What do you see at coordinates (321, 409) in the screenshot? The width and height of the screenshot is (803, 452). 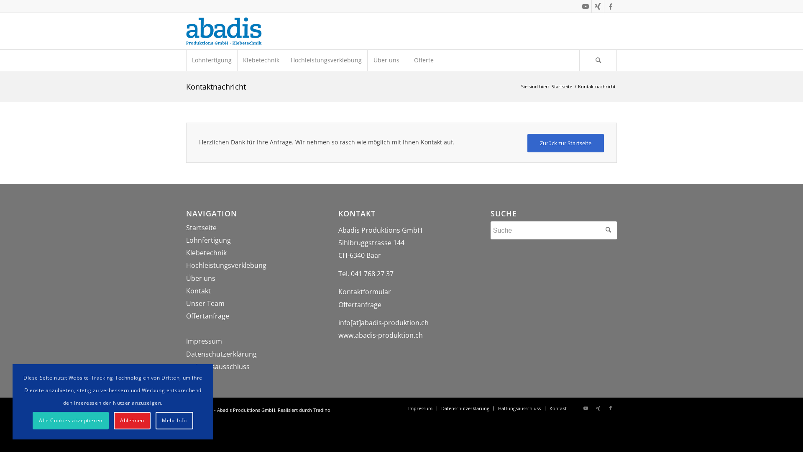 I see `'Tradino'` at bounding box center [321, 409].